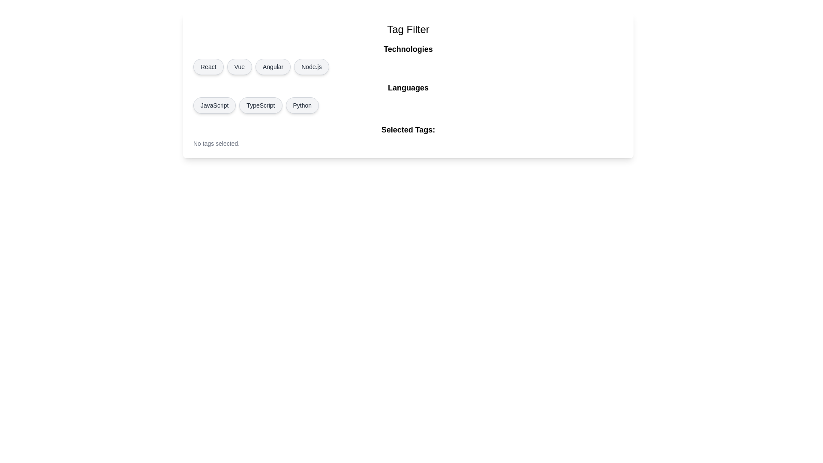 This screenshot has height=463, width=823. Describe the element at coordinates (302, 105) in the screenshot. I see `the 'Python' tag selector button, which is the third button in a horizontal group of three buttons located under the 'Technologies' section on the left side of the interface` at that location.